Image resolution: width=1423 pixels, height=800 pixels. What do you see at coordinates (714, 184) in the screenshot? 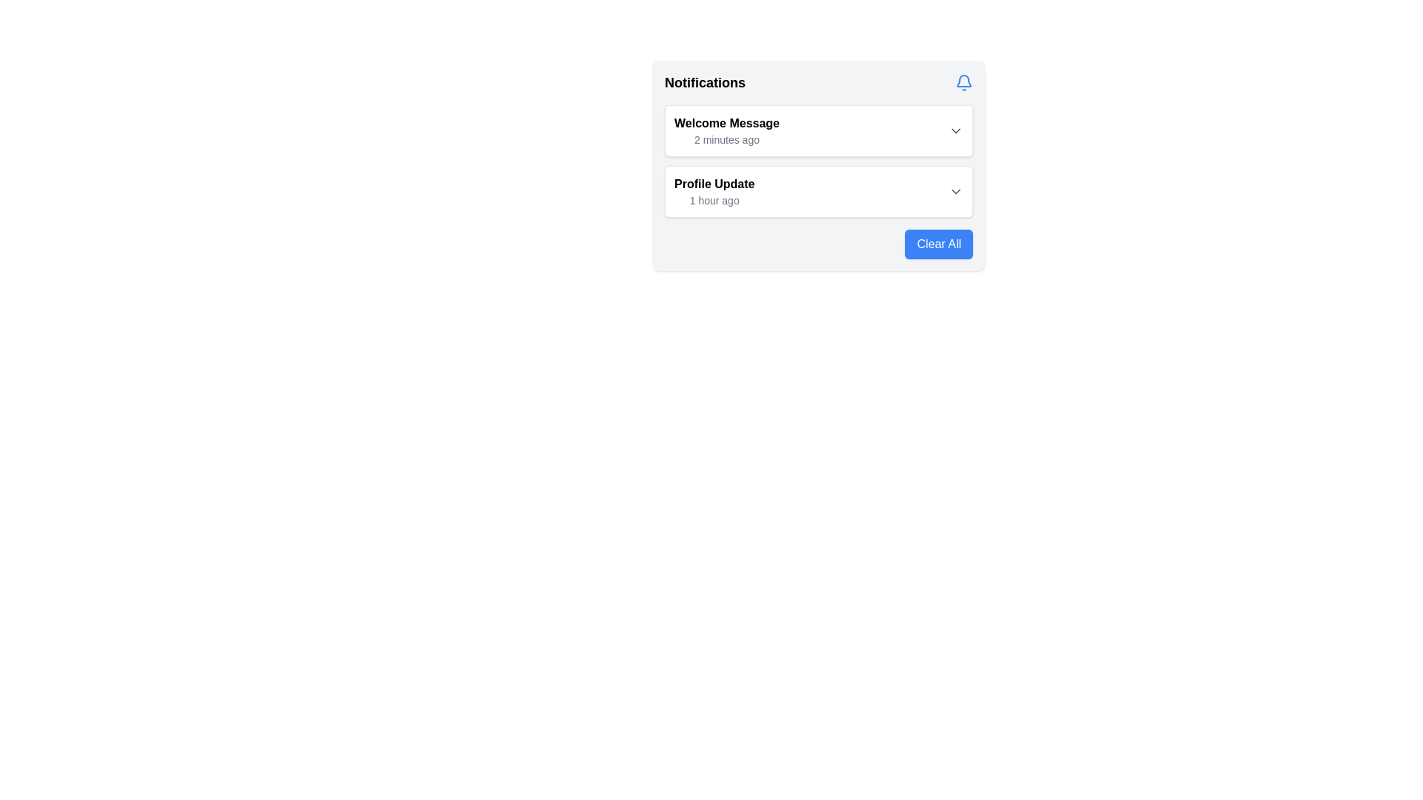
I see `text of the title in the second notification card, which summarizes the update or event and is located under 'Welcome Message'` at bounding box center [714, 184].